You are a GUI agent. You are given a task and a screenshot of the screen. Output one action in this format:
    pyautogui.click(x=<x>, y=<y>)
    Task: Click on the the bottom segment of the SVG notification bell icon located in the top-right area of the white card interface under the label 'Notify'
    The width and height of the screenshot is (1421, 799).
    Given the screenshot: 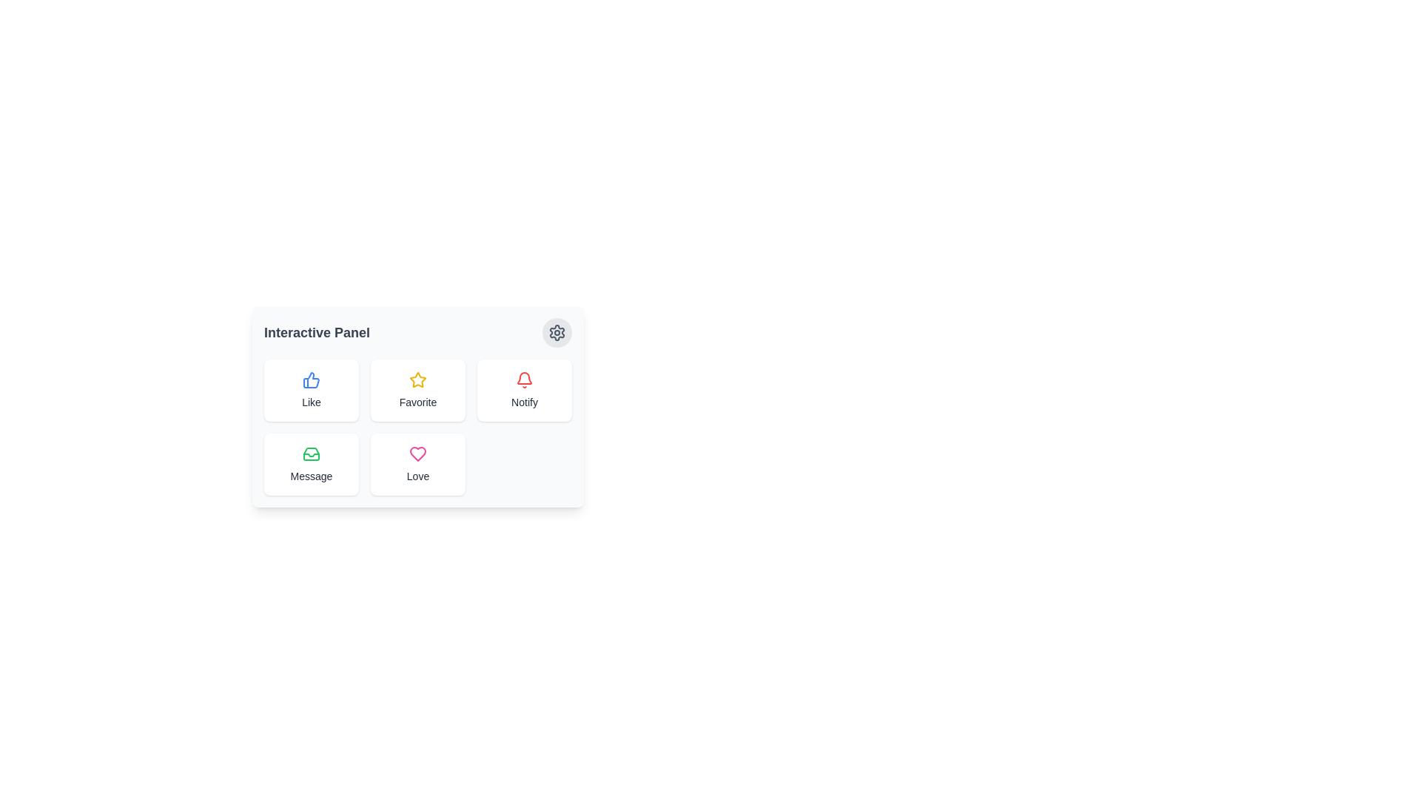 What is the action you would take?
    pyautogui.click(x=525, y=377)
    